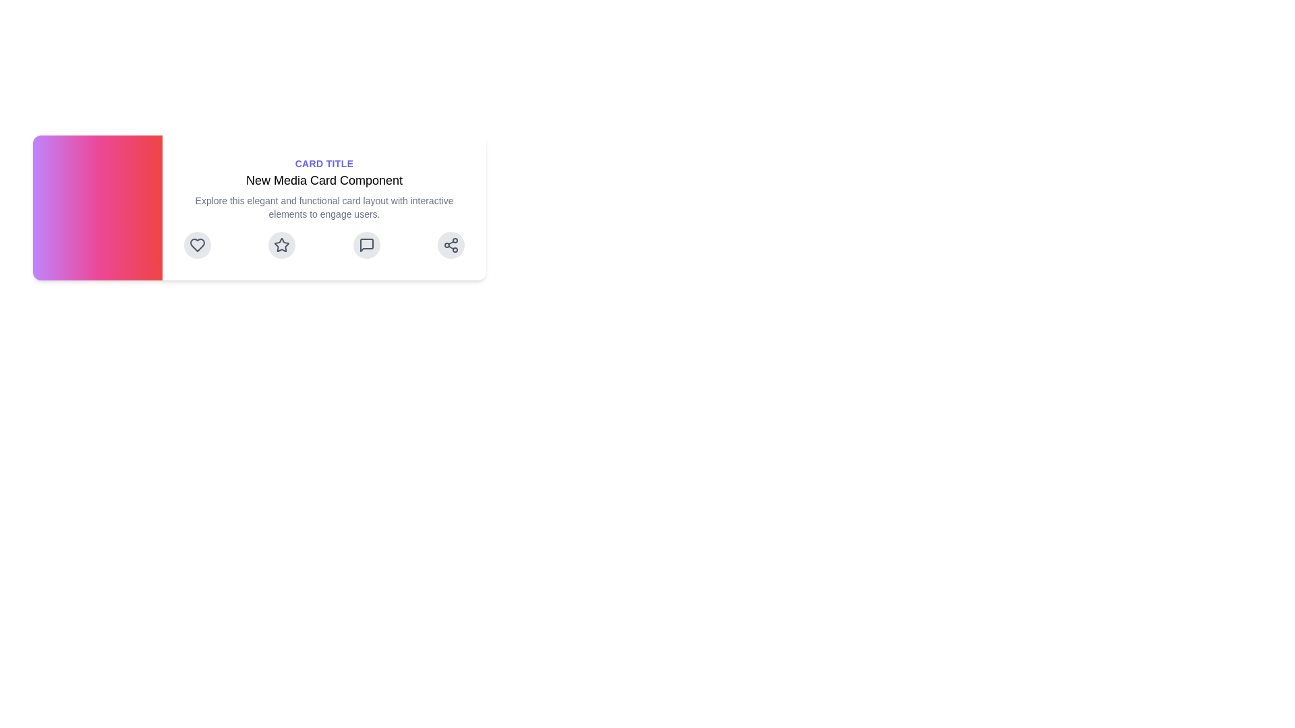  I want to click on the circular button with a light gray background and a darker gray star icon at its center to favorite or rate, which is the second button from the left in a horizontal arrangement, so click(281, 244).